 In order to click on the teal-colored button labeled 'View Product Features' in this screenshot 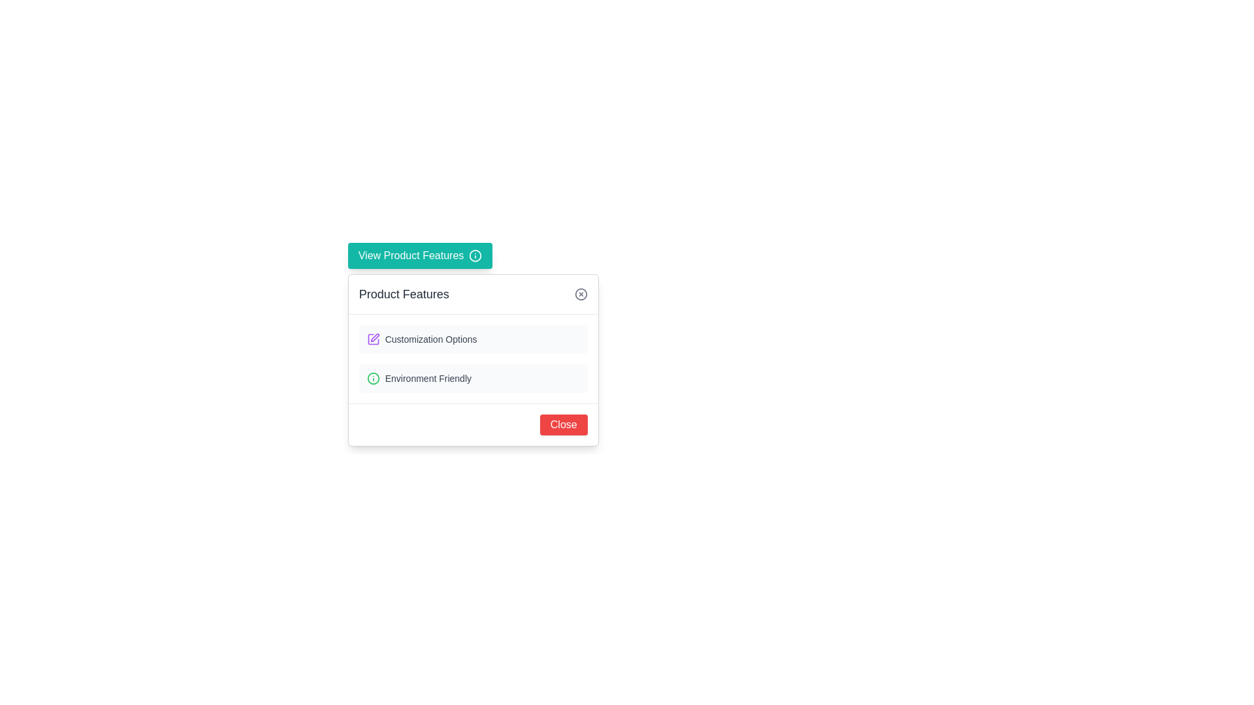, I will do `click(420, 256)`.